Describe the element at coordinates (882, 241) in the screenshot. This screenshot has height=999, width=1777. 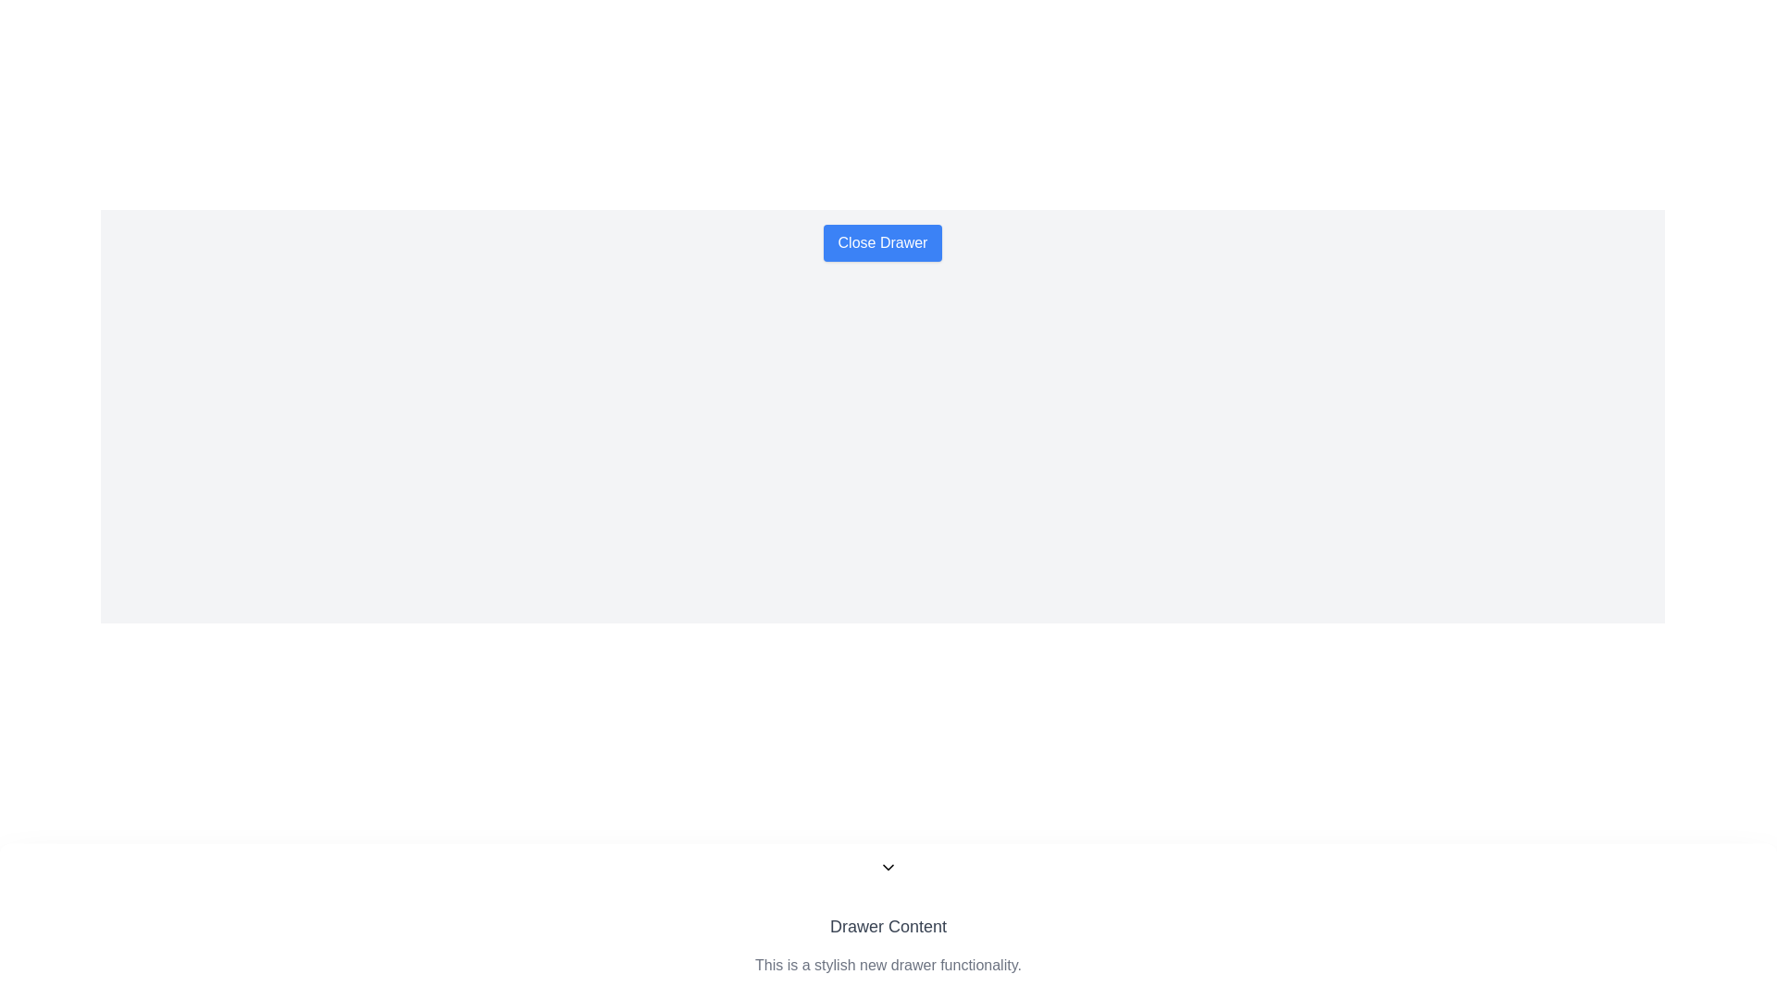
I see `the close button located at the top section of the drawer interface` at that location.